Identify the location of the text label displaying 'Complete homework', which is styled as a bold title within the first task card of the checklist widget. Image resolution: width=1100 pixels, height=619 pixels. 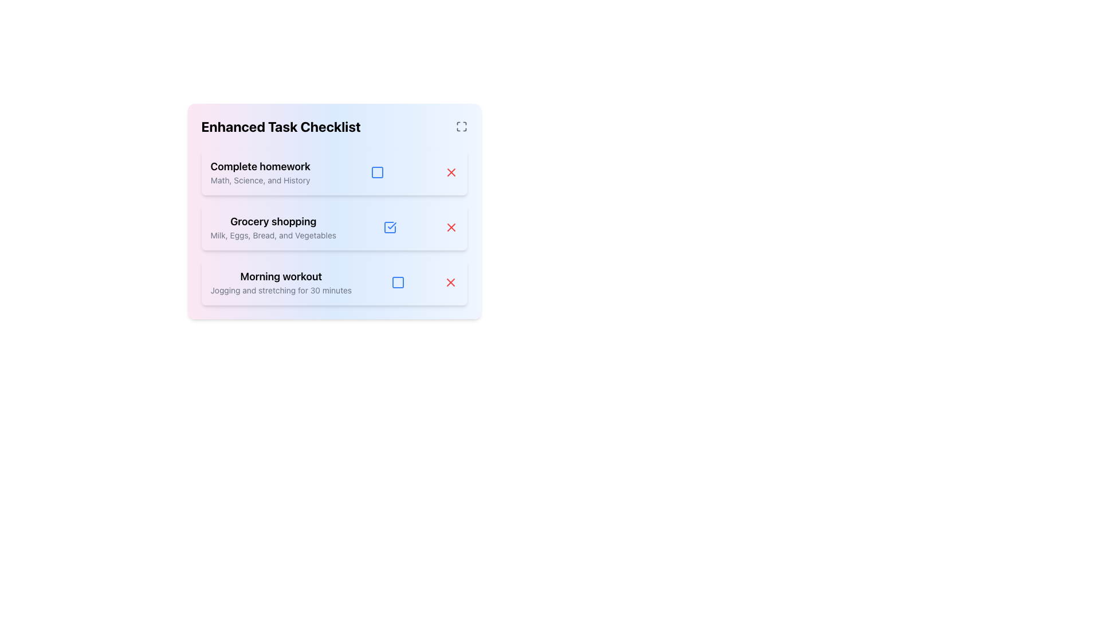
(260, 166).